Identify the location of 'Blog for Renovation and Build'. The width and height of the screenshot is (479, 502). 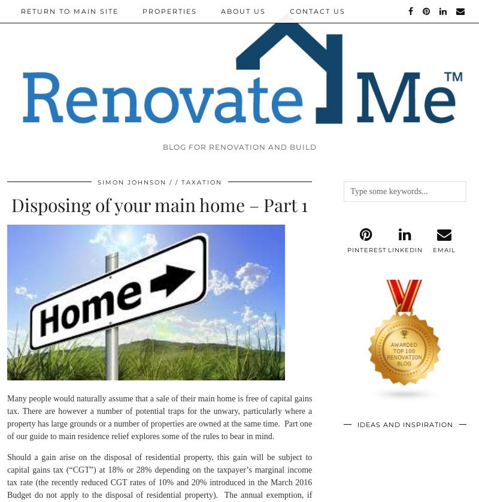
(162, 146).